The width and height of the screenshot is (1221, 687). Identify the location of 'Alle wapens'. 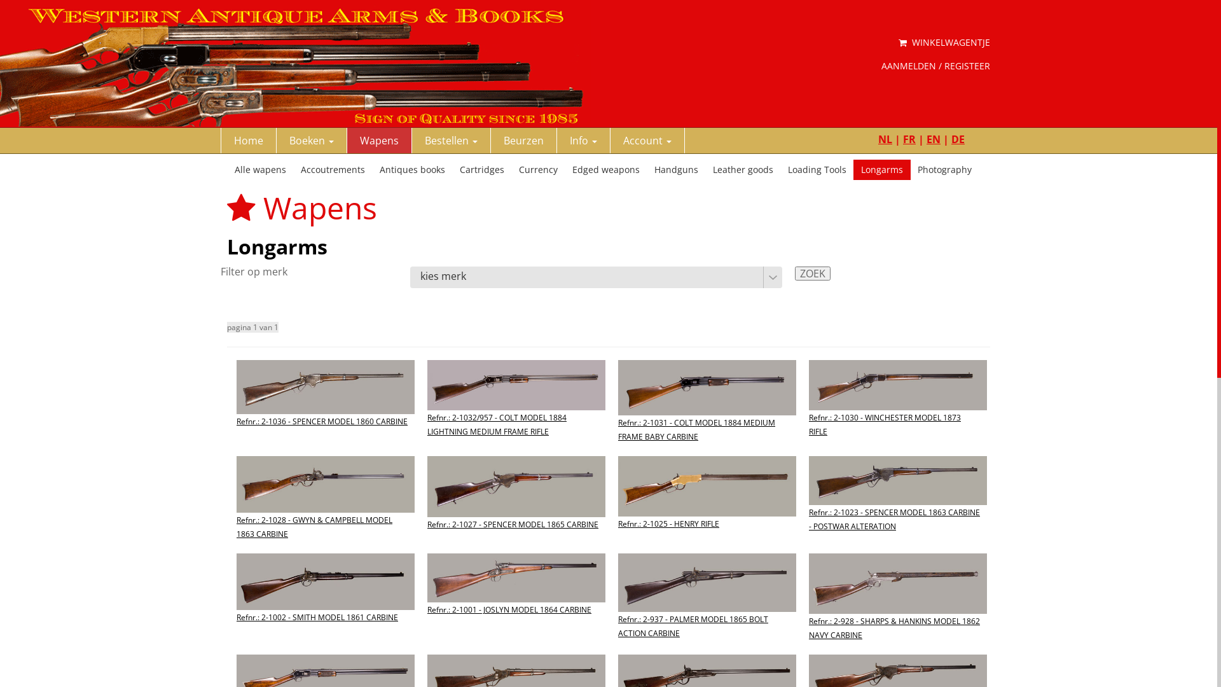
(259, 169).